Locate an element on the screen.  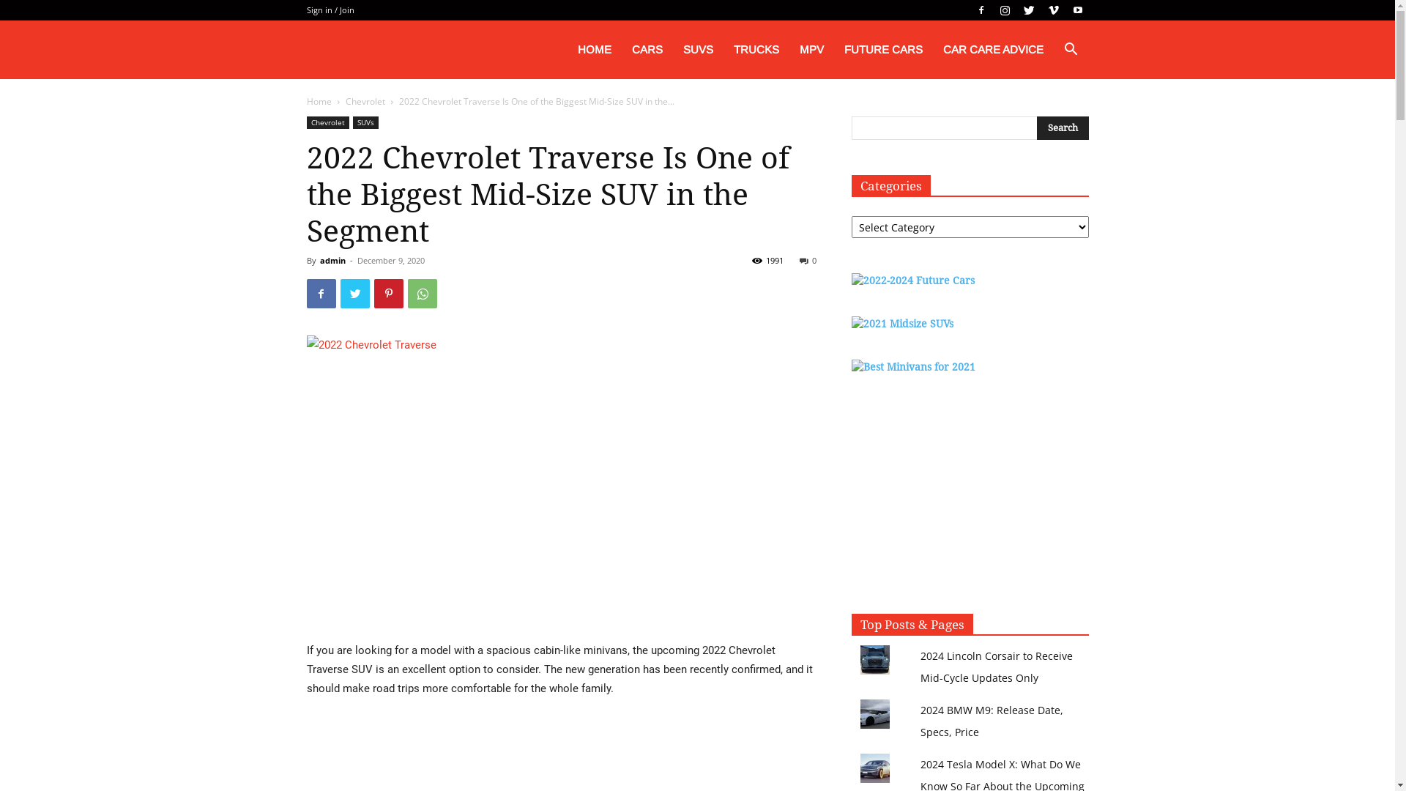
'admin' is located at coordinates (331, 259).